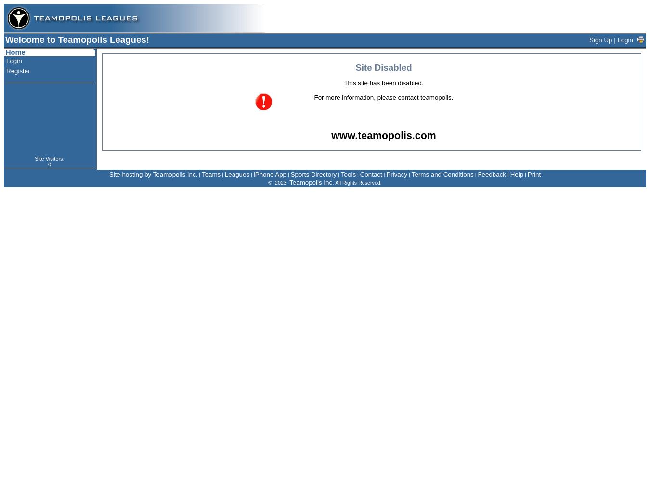  I want to click on 'Print', so click(534, 174).